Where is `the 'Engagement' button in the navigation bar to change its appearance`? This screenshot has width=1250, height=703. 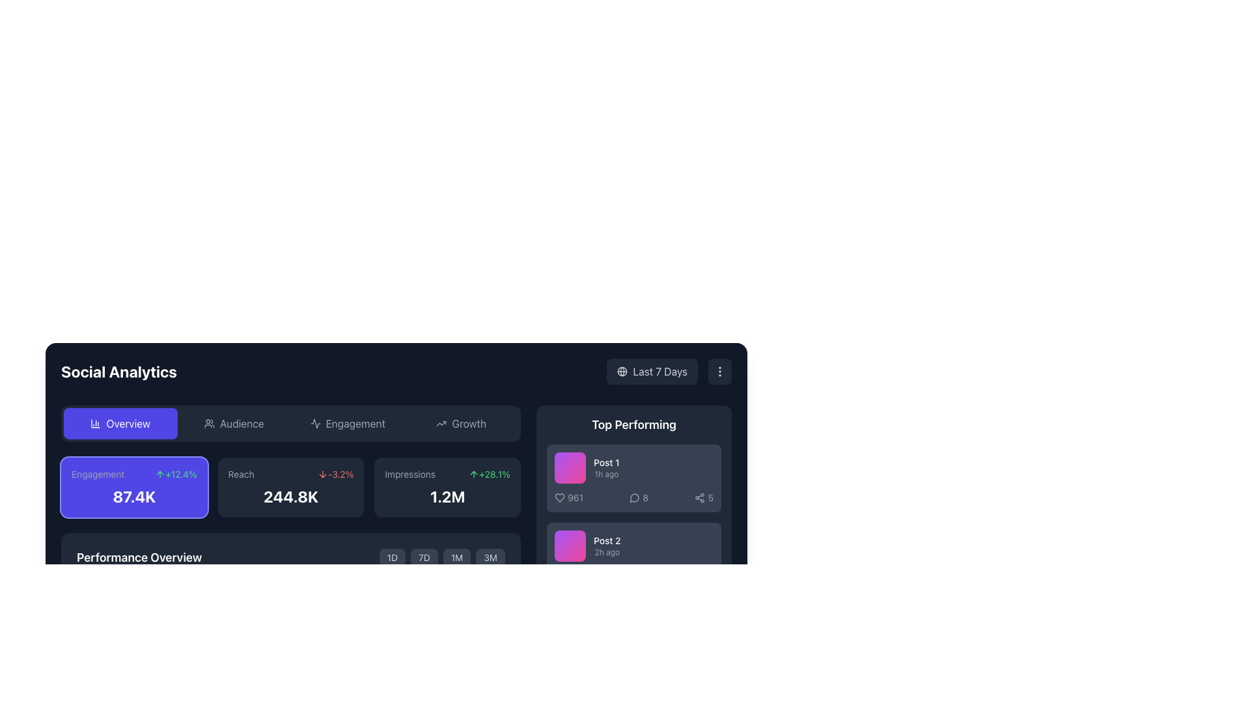 the 'Engagement' button in the navigation bar to change its appearance is located at coordinates (348, 424).